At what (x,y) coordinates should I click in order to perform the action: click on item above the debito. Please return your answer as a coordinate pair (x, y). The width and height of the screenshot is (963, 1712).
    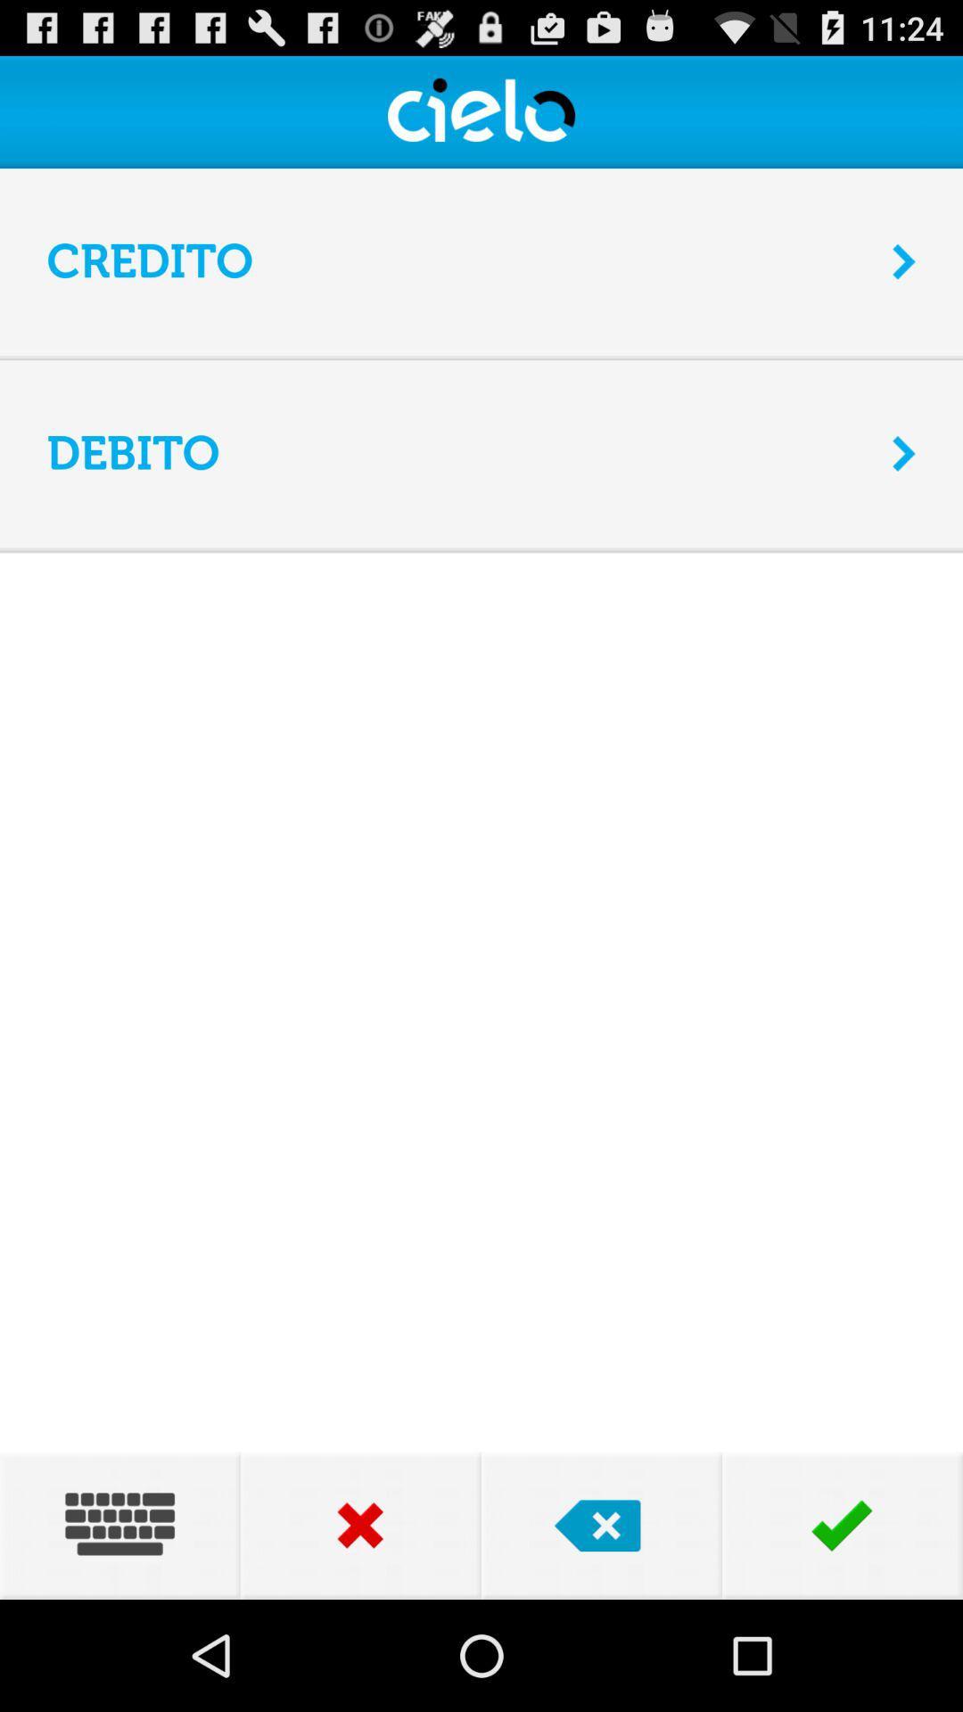
    Looking at the image, I should click on (481, 358).